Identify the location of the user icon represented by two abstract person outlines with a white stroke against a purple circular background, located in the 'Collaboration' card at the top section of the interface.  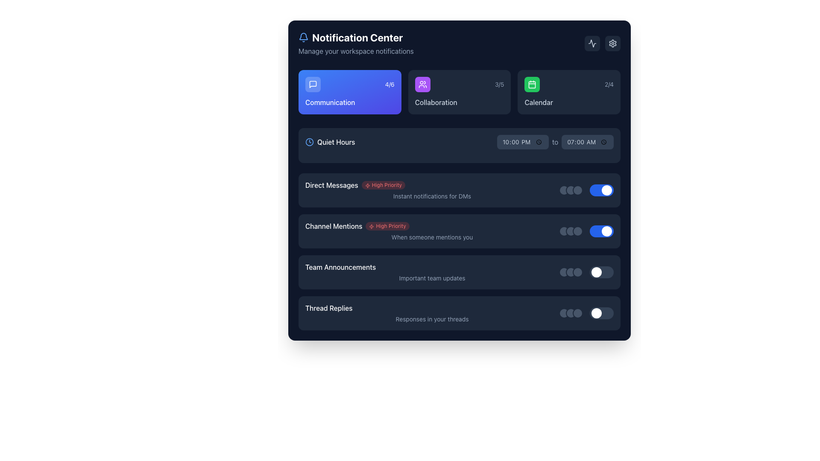
(422, 84).